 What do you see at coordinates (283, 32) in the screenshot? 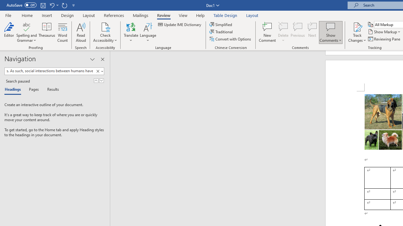
I see `'Delete'` at bounding box center [283, 32].